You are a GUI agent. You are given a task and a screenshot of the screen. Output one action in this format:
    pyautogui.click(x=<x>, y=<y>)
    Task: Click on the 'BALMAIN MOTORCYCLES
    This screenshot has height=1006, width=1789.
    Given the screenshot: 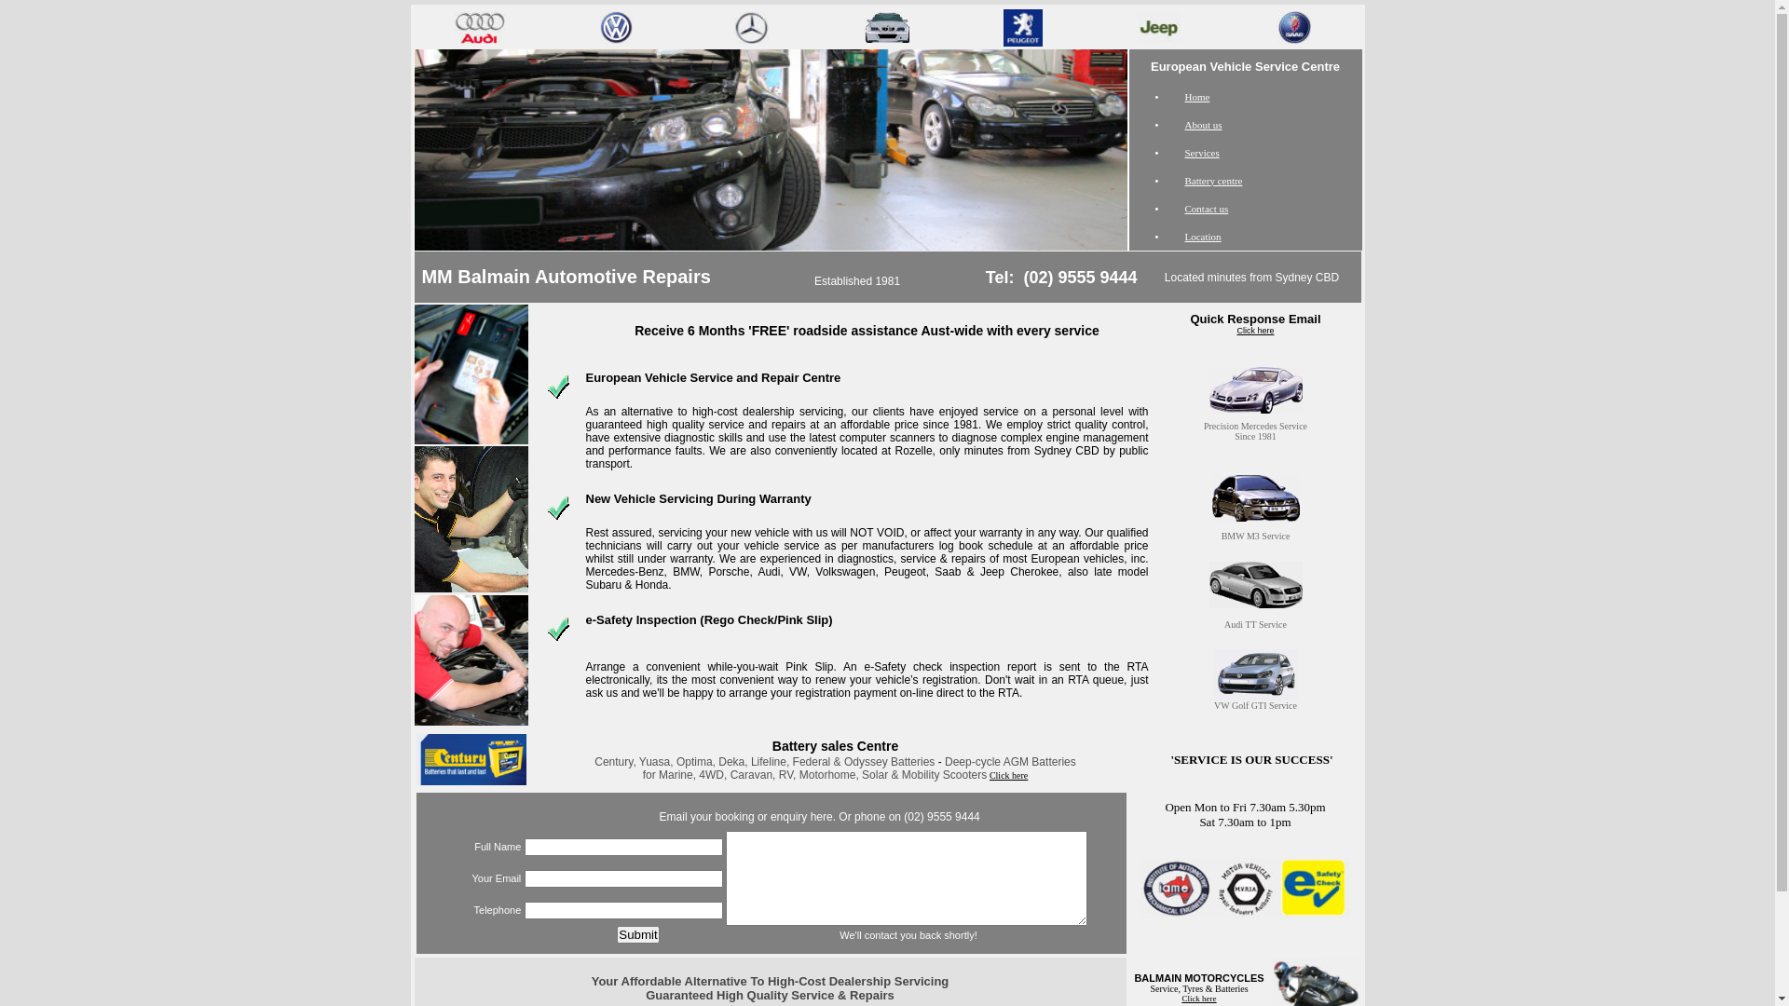 What is the action you would take?
    pyautogui.click(x=1198, y=982)
    